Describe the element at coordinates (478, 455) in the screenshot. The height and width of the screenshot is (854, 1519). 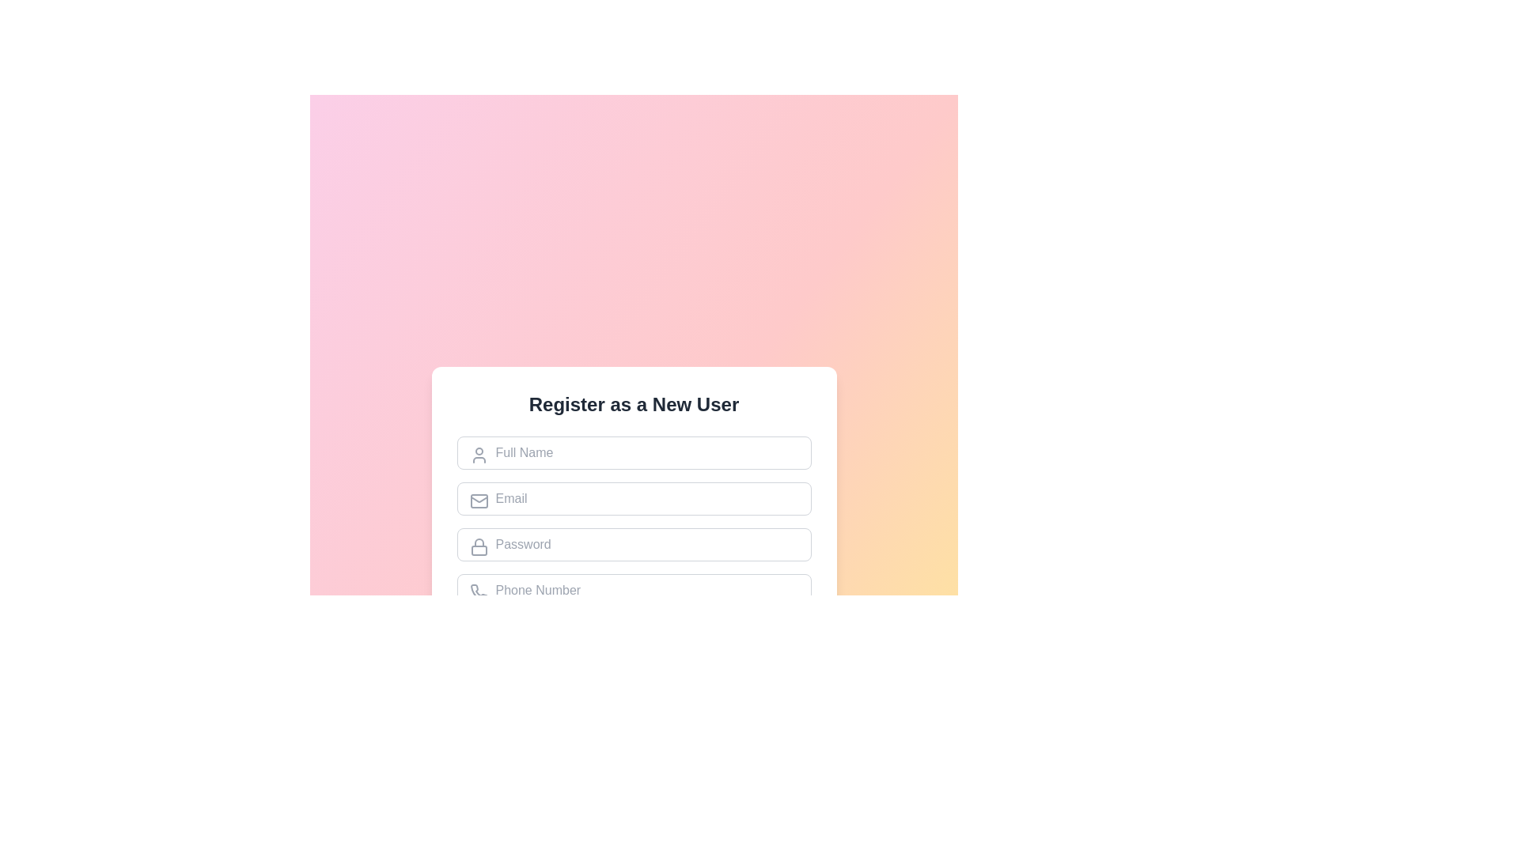
I see `the user icon, which is a simplistic silhouette of a person, located to the left of the 'Full Name' input field in the registration form` at that location.